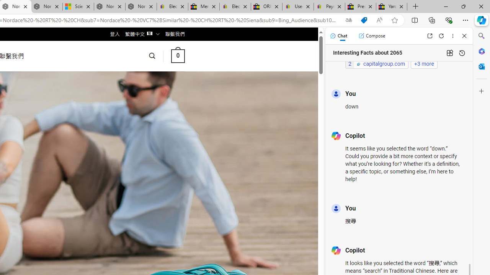  Describe the element at coordinates (297, 6) in the screenshot. I see `'User Privacy Notice | eBay'` at that location.